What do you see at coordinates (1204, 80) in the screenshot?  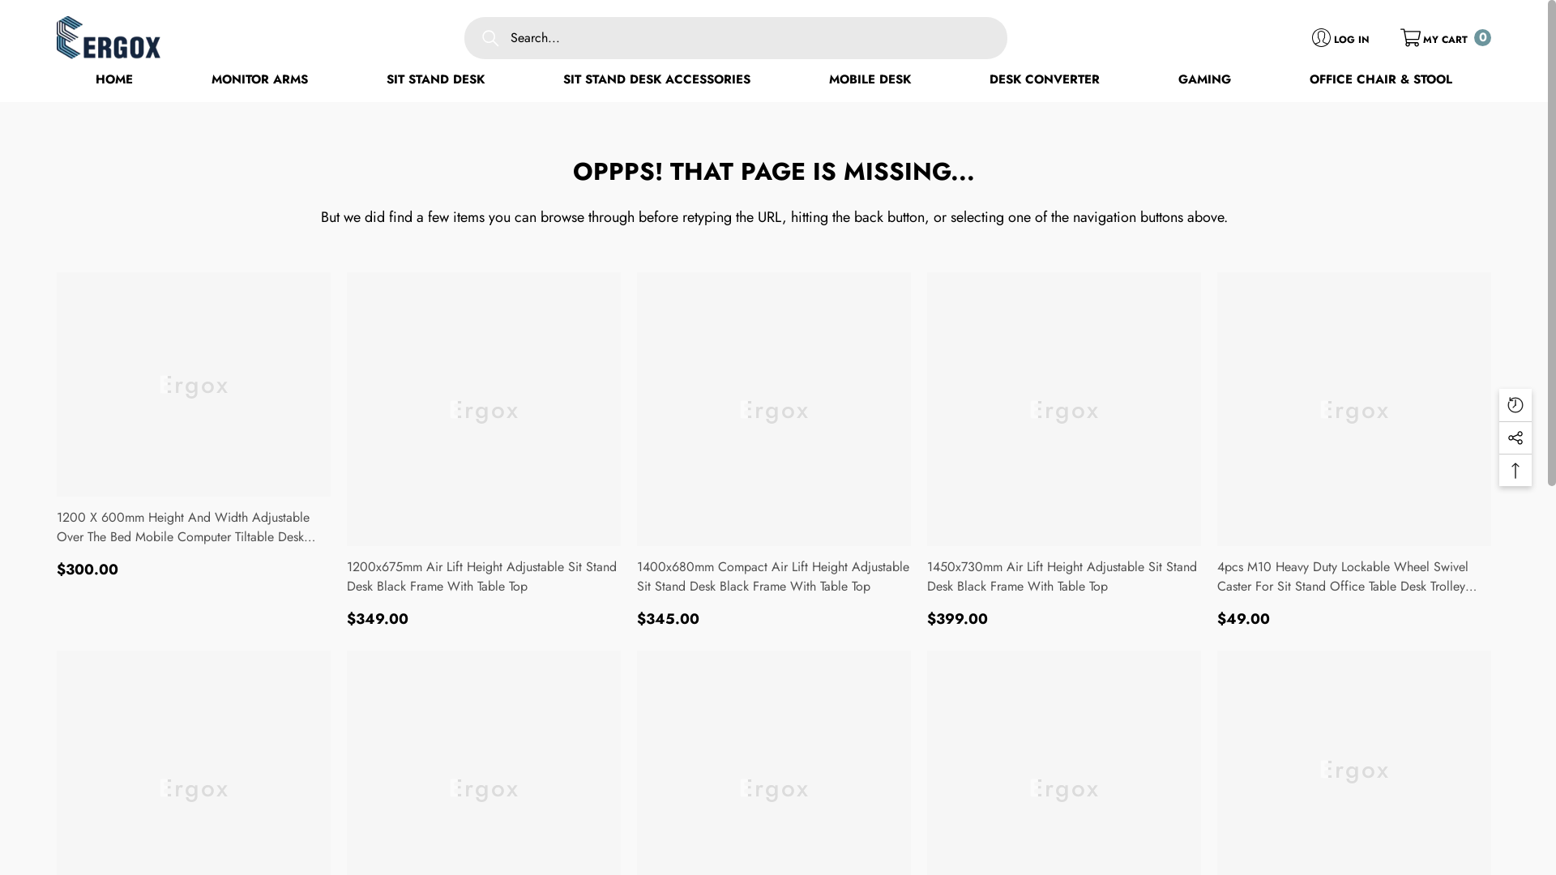 I see `'GAMING'` at bounding box center [1204, 80].